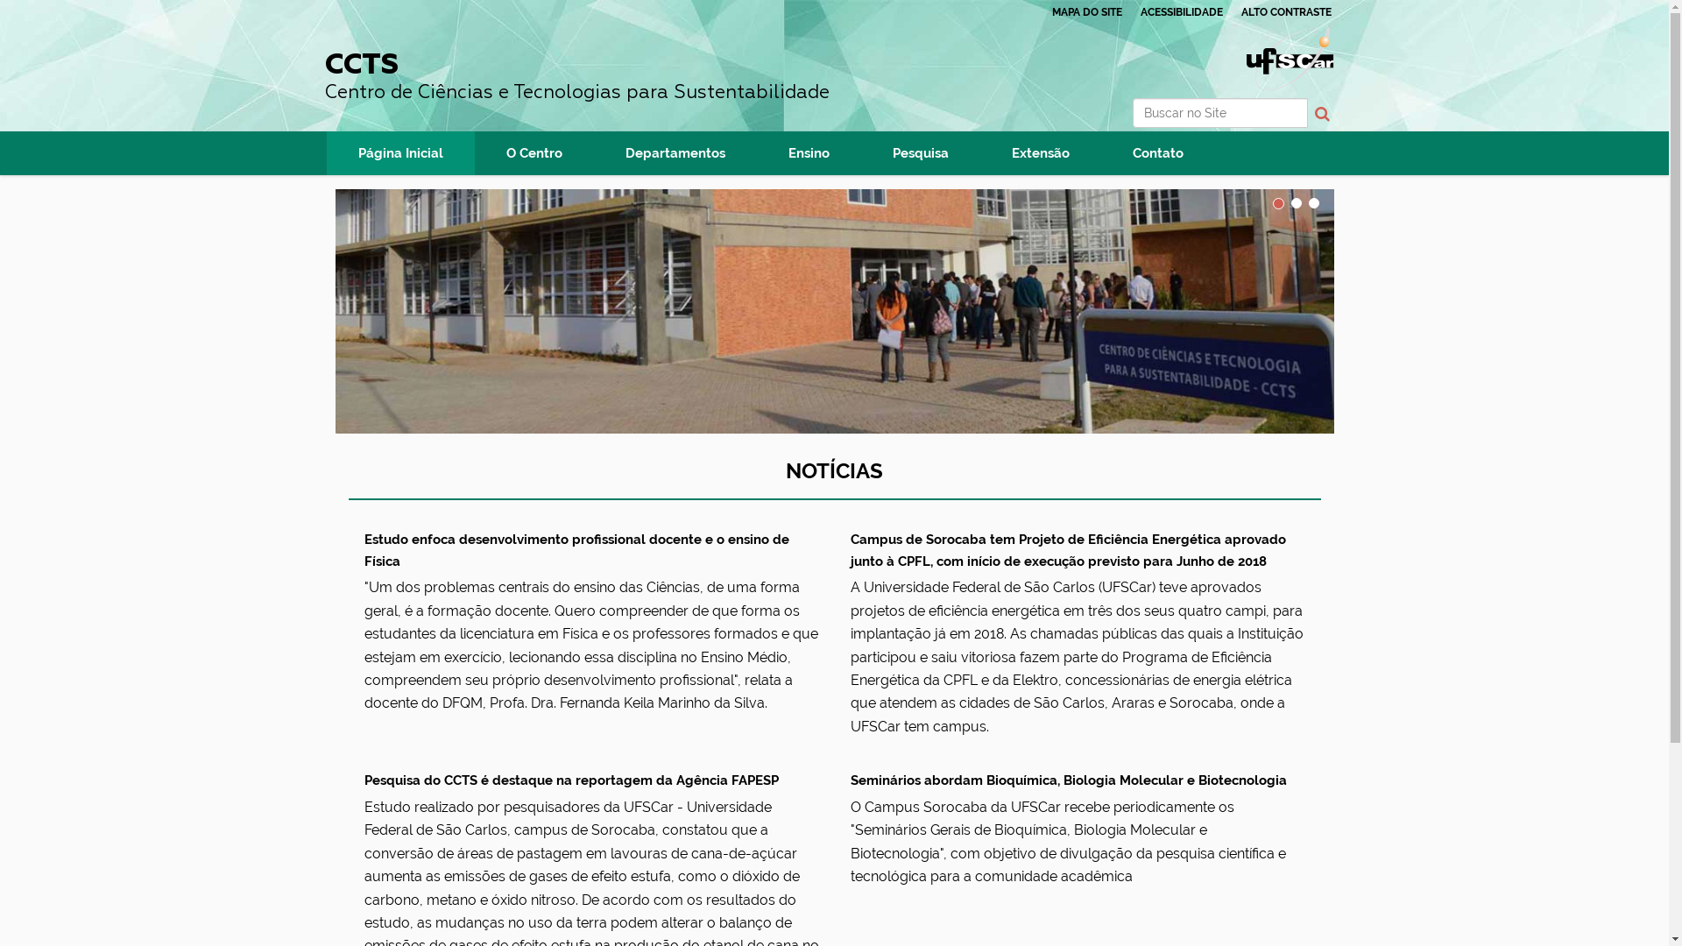  What do you see at coordinates (860, 152) in the screenshot?
I see `'Pesquisa'` at bounding box center [860, 152].